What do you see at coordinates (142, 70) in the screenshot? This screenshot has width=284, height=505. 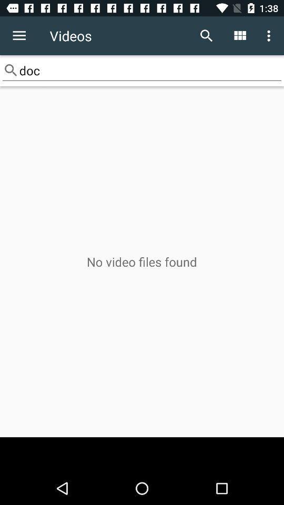 I see `icon at the top` at bounding box center [142, 70].